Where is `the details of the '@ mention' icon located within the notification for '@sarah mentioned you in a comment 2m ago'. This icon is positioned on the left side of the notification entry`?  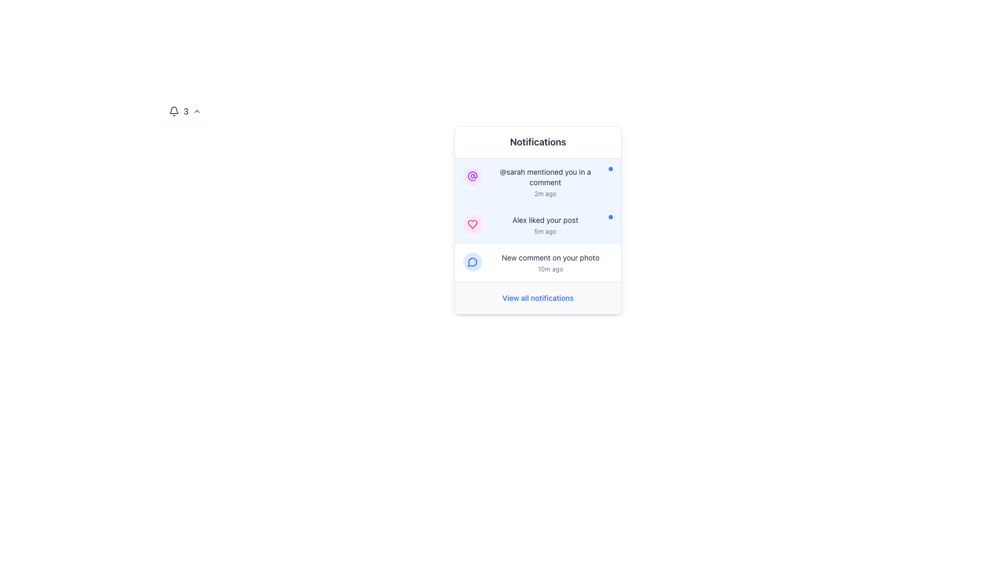 the details of the '@ mention' icon located within the notification for '@sarah mentioned you in a comment 2m ago'. This icon is positioned on the left side of the notification entry is located at coordinates (472, 175).